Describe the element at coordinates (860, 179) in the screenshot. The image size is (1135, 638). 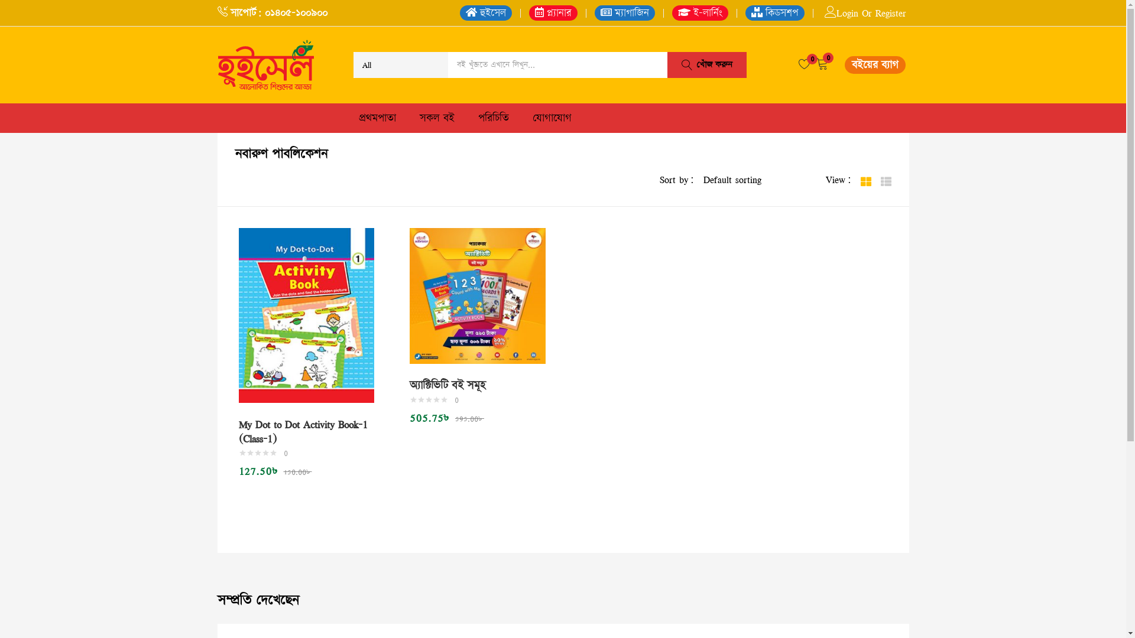
I see `'Grid'` at that location.